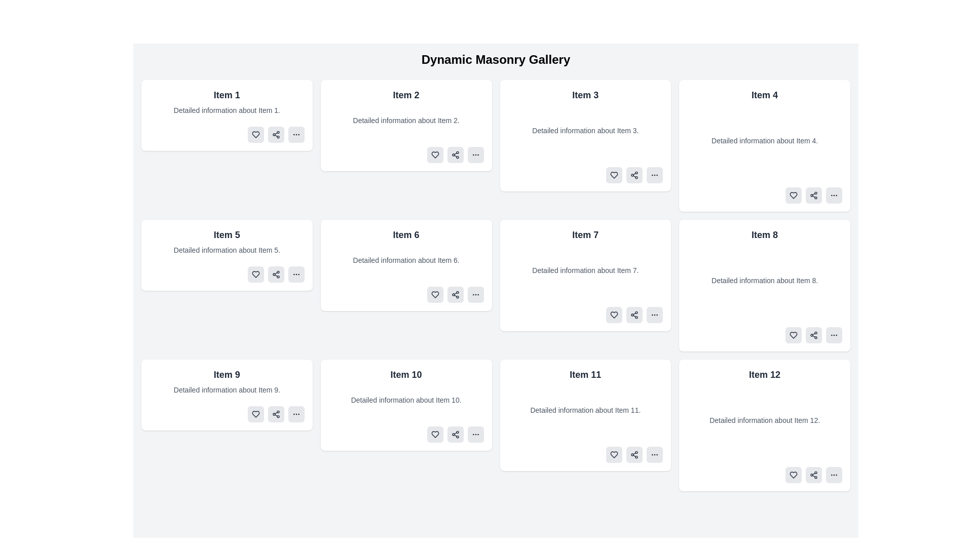 The width and height of the screenshot is (973, 547). Describe the element at coordinates (834, 335) in the screenshot. I see `the icon composed of three small dots at the bottom-right corner of the 'Item 8' card` at that location.